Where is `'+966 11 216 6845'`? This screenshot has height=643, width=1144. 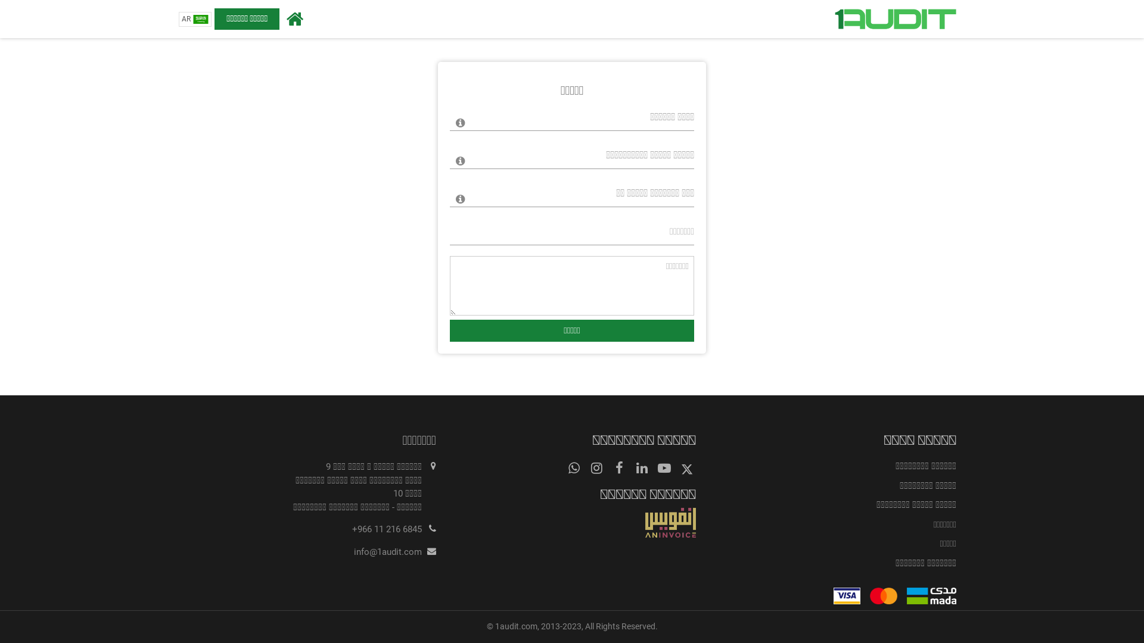
'+966 11 216 6845' is located at coordinates (387, 528).